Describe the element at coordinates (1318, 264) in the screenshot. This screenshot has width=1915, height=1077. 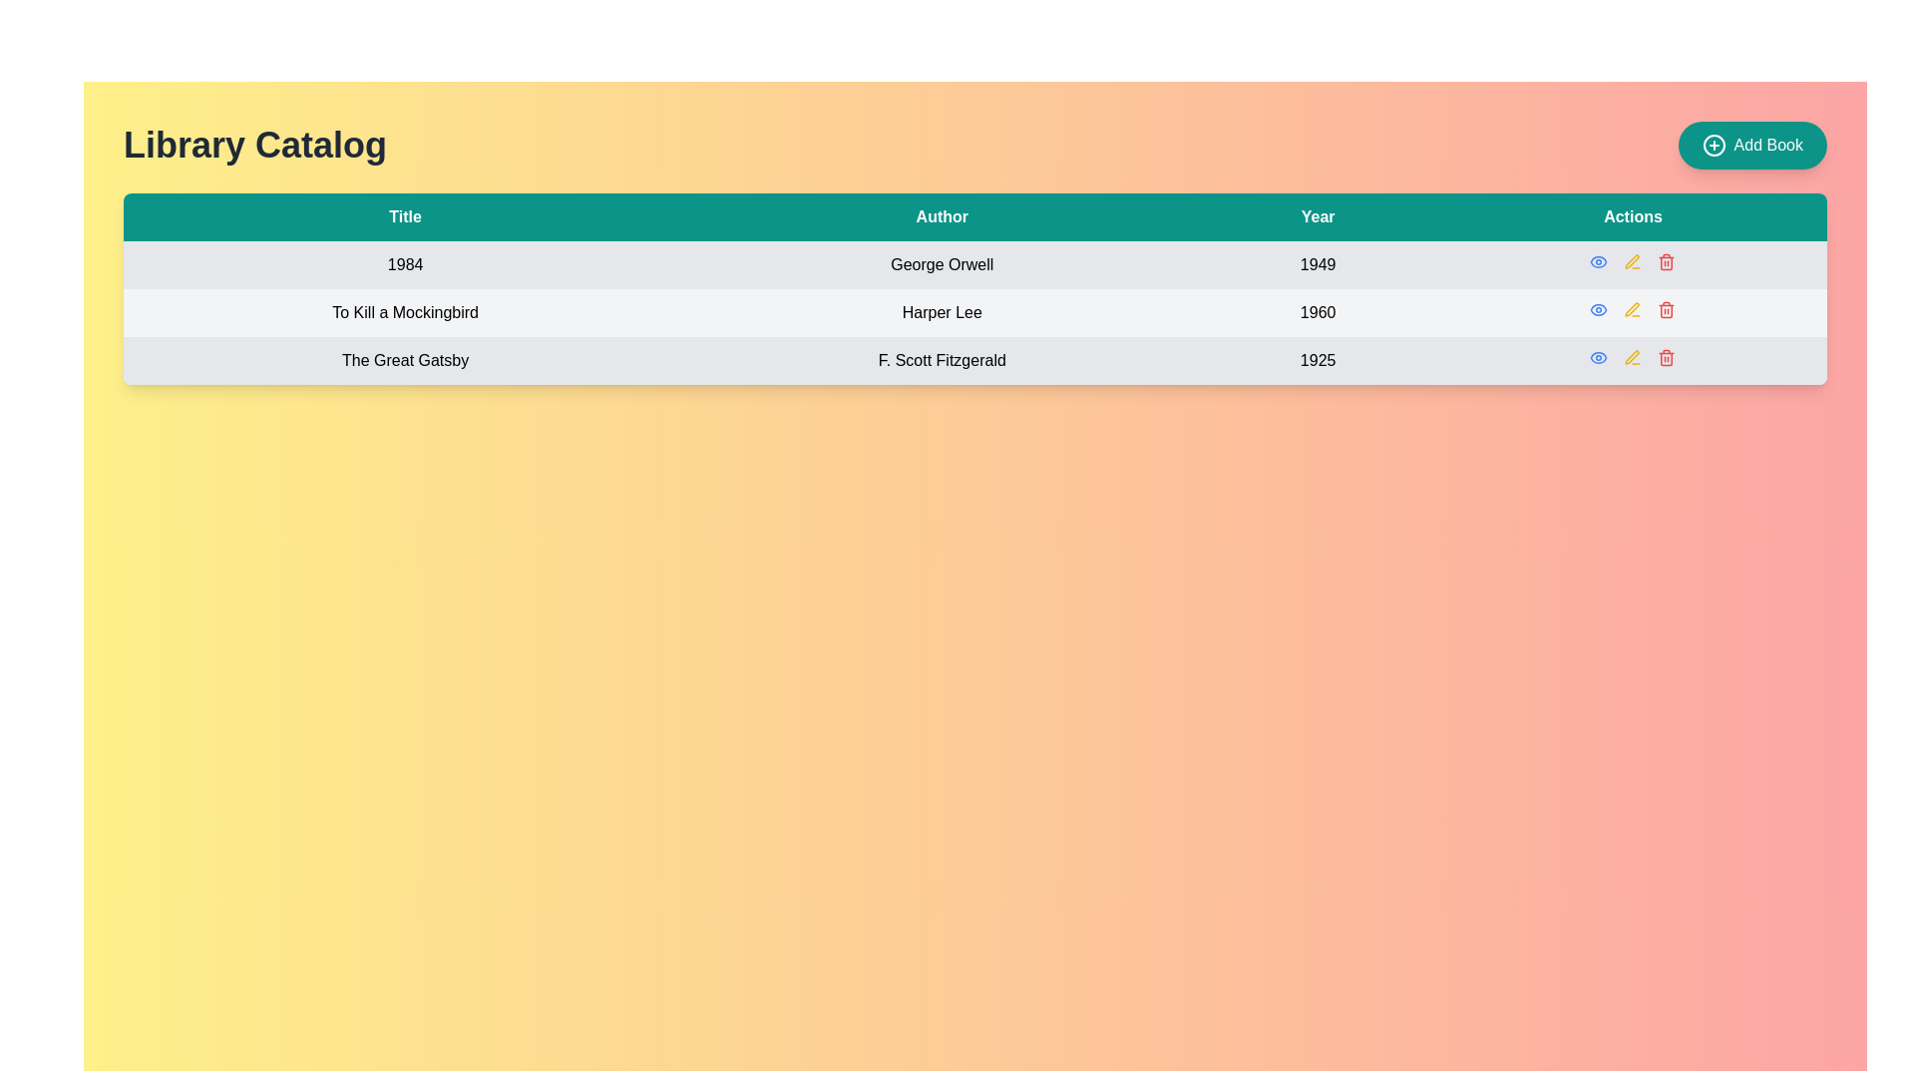
I see `the Text label displaying the publication year '1984' by George Orwell in the 'Year' column of the table` at that location.